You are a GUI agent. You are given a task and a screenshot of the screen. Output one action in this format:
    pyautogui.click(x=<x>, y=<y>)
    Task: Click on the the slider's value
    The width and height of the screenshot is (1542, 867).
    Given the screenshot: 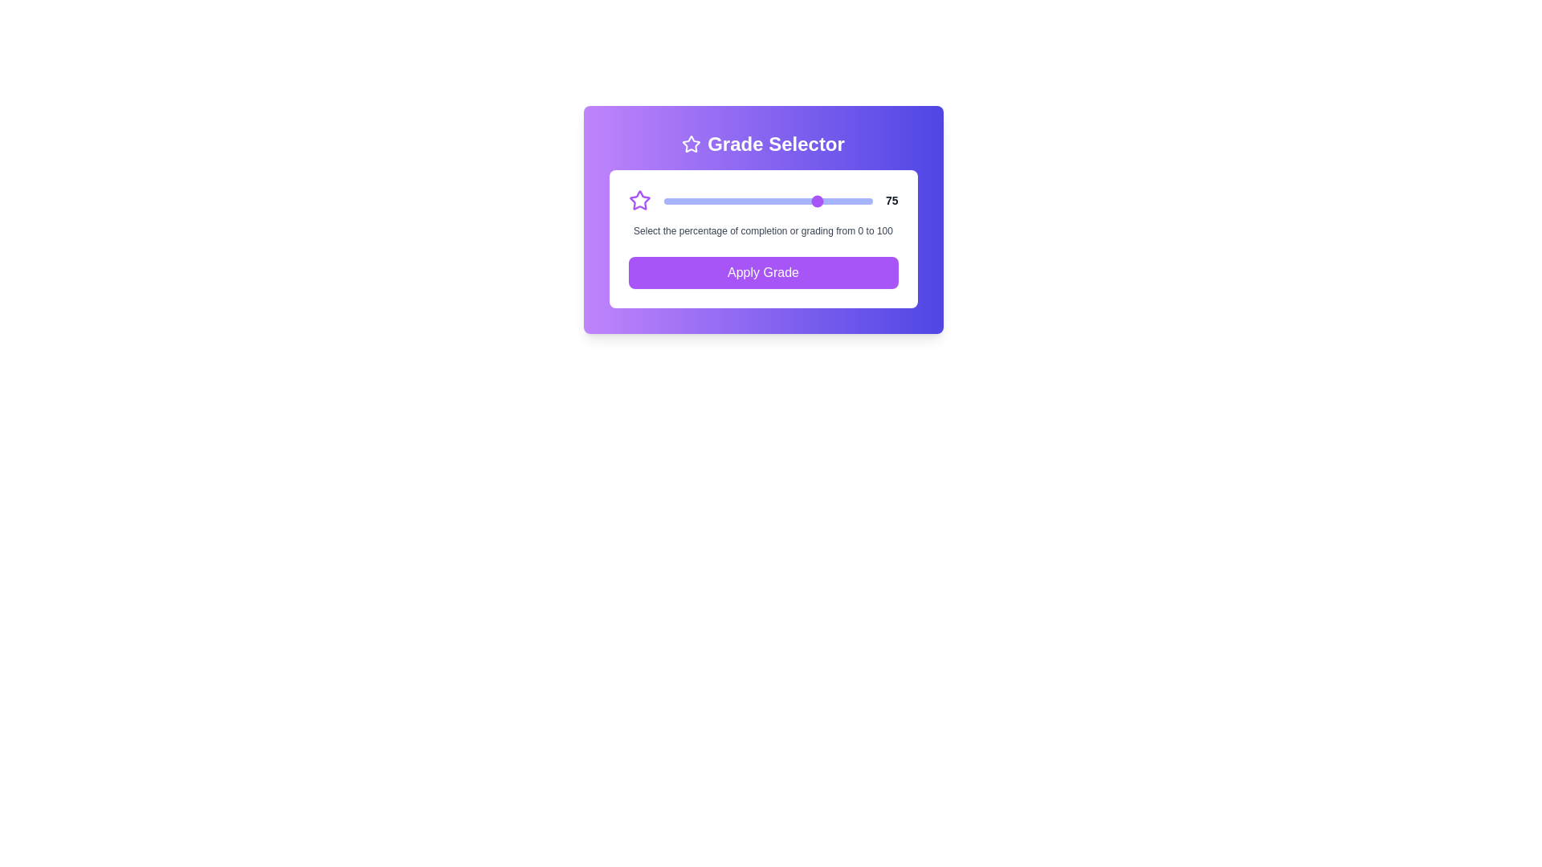 What is the action you would take?
    pyautogui.click(x=859, y=200)
    